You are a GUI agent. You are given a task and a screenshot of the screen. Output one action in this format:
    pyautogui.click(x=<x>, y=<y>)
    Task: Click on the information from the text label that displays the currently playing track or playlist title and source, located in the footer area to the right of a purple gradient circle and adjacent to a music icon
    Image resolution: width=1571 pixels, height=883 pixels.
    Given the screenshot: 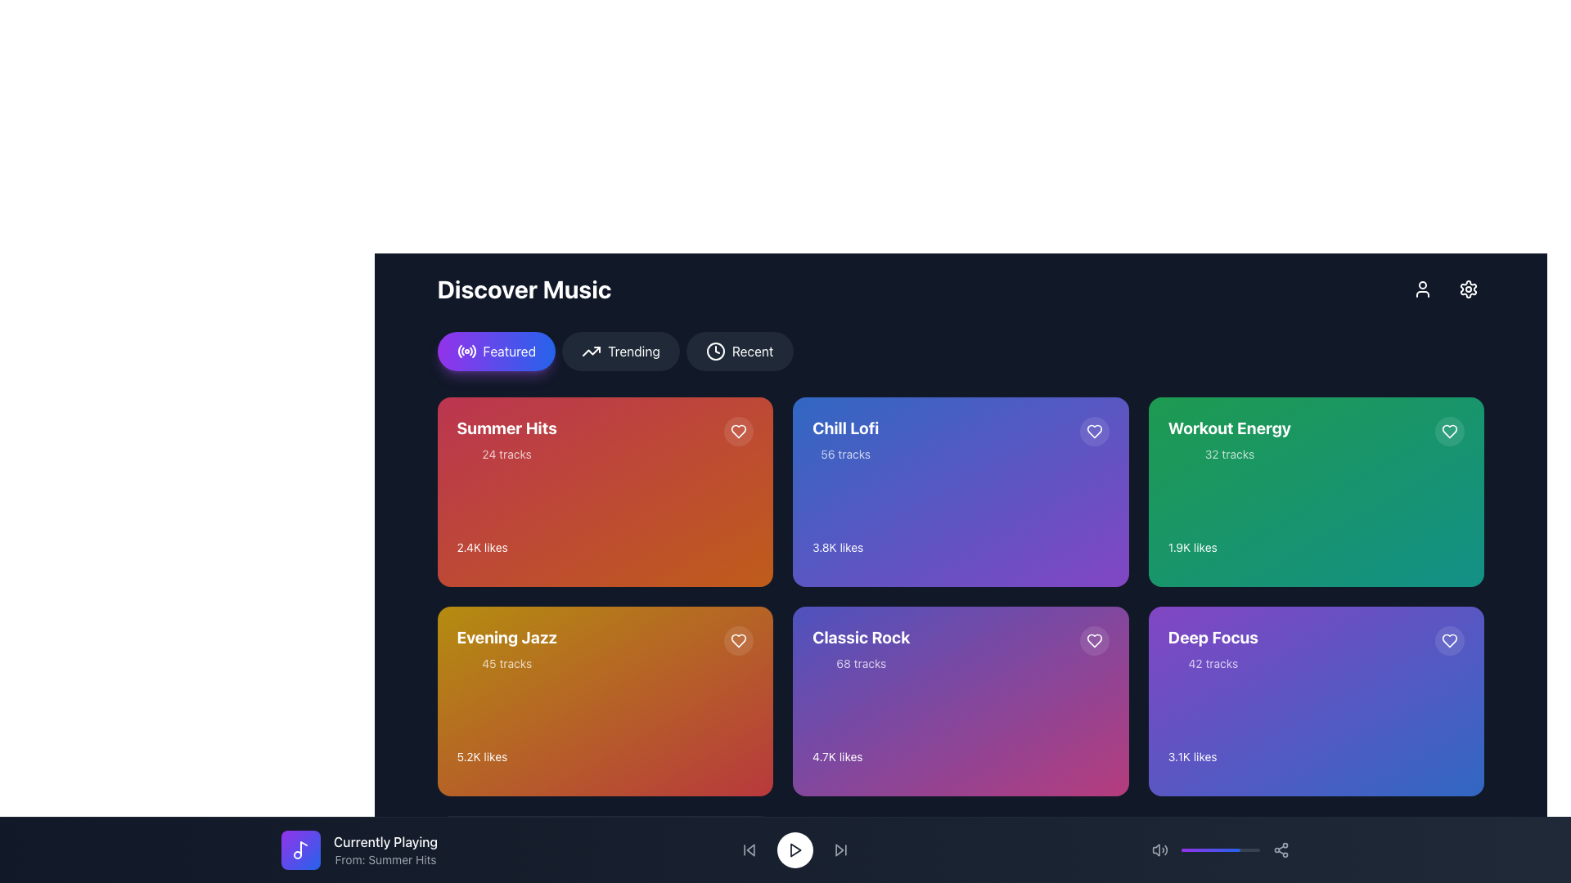 What is the action you would take?
    pyautogui.click(x=385, y=849)
    